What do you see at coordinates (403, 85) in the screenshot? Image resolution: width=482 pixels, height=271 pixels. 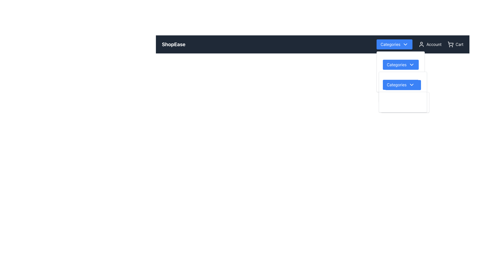 I see `the 'Categories' button with a blue background and white text in the drop-down menu` at bounding box center [403, 85].